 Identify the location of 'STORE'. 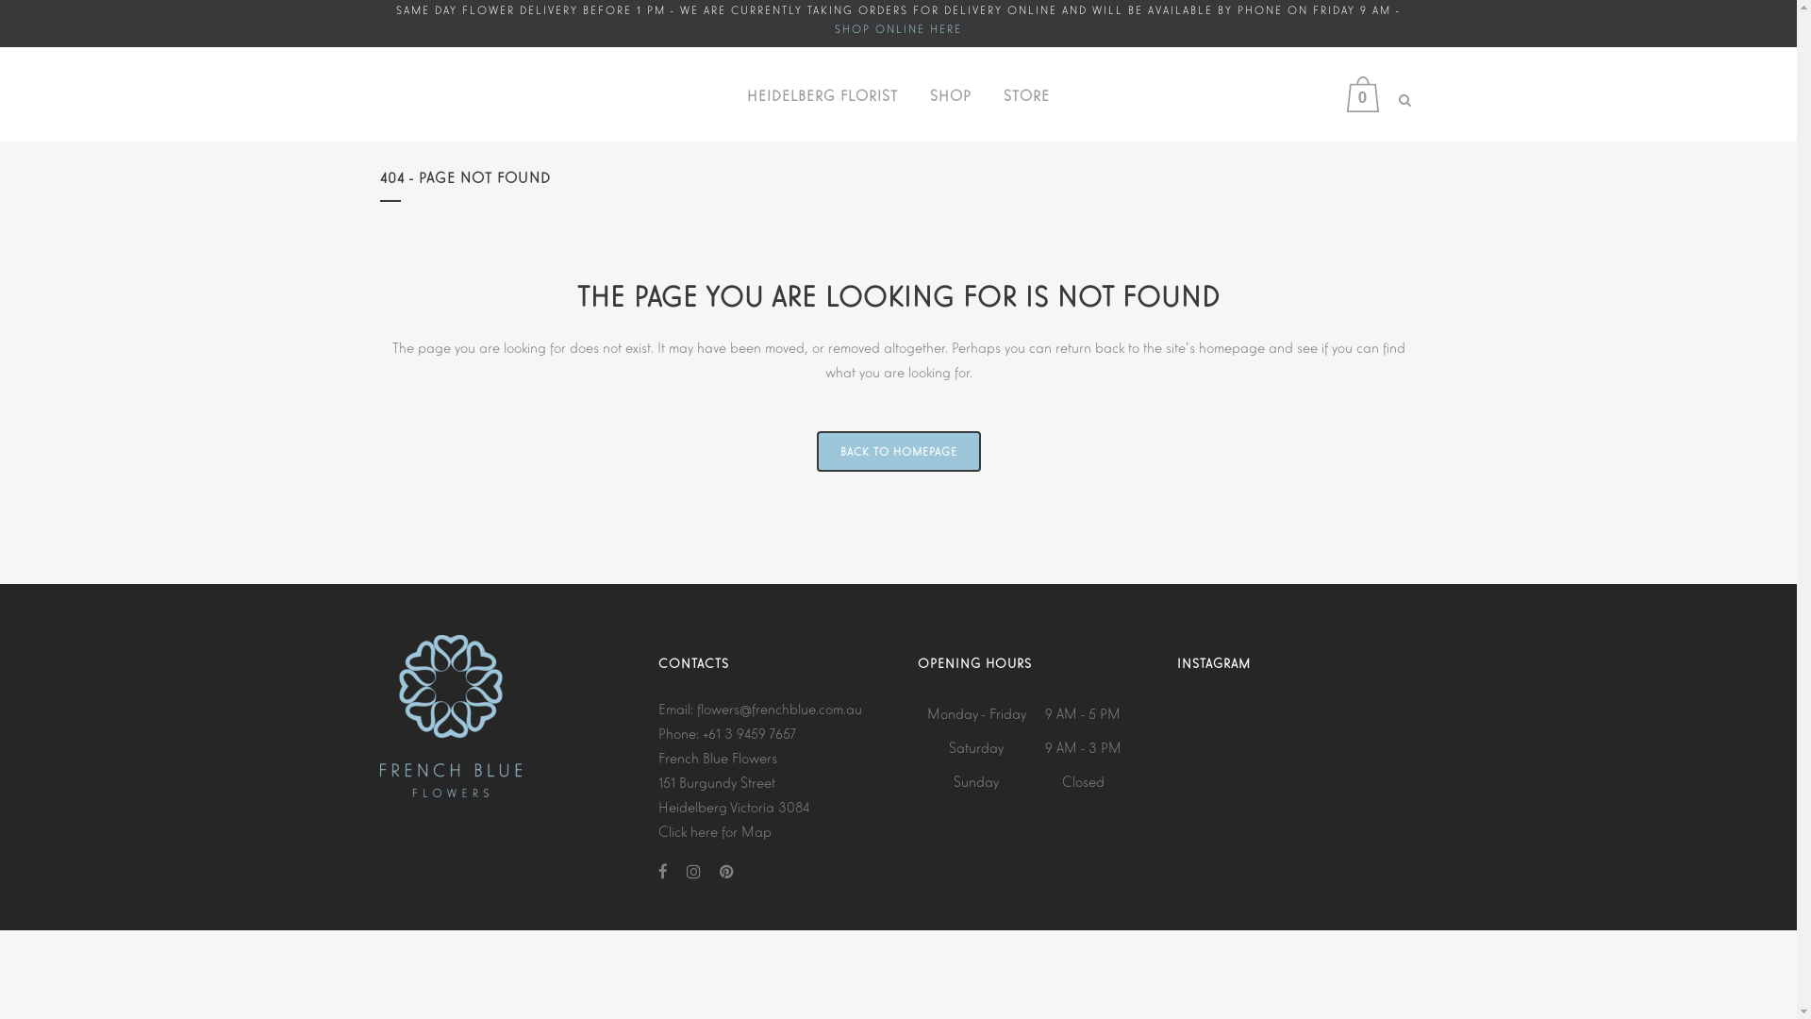
(1025, 94).